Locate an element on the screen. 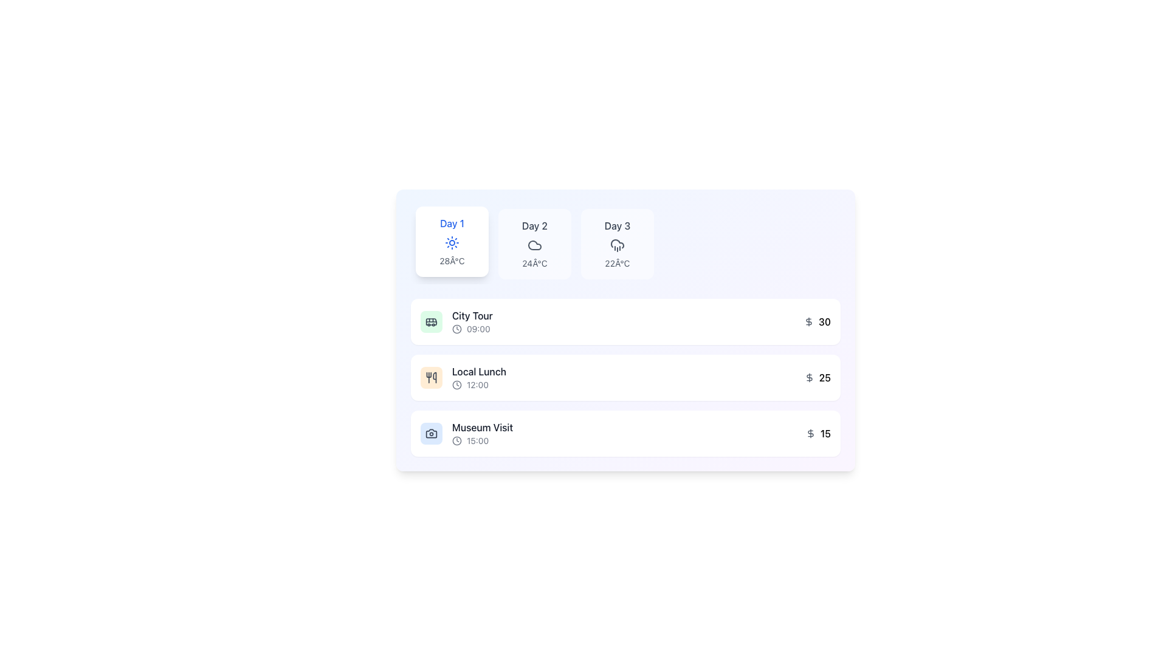 The image size is (1167, 656). the text '09:00' with a clock icon located in the 'City Tour' row of activities is located at coordinates (472, 329).